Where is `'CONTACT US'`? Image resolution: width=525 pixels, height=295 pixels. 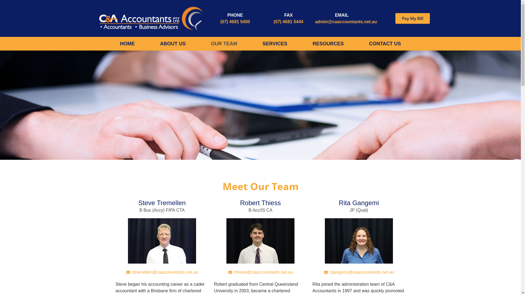 'CONTACT US' is located at coordinates (384, 43).